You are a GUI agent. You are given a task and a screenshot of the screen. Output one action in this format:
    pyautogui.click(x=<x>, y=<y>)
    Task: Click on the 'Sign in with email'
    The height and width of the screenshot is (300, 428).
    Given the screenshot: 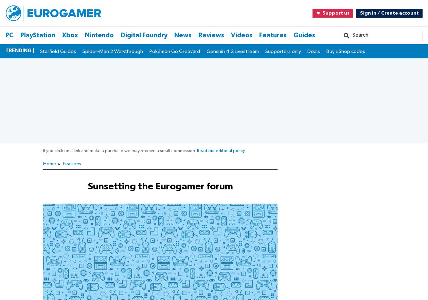 What is the action you would take?
    pyautogui.click(x=116, y=170)
    